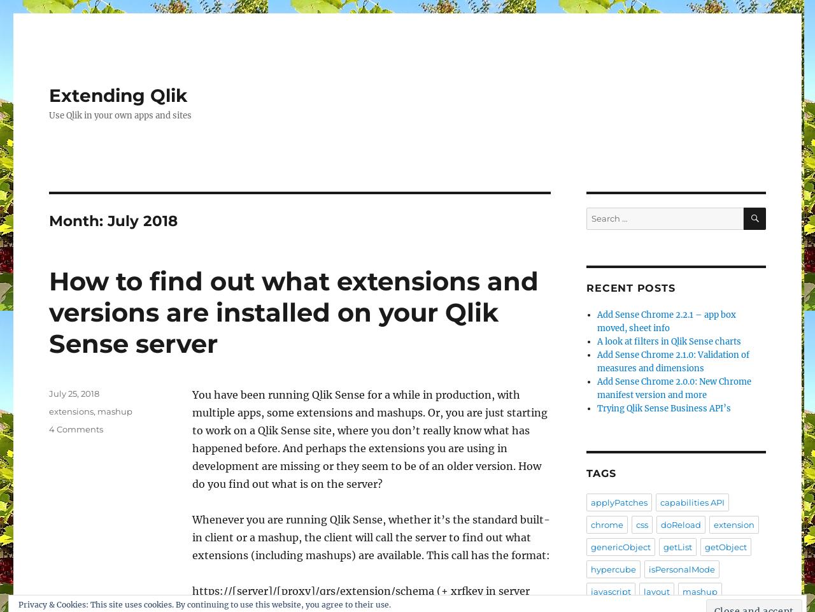  I want to click on 'layout', so click(656, 591).